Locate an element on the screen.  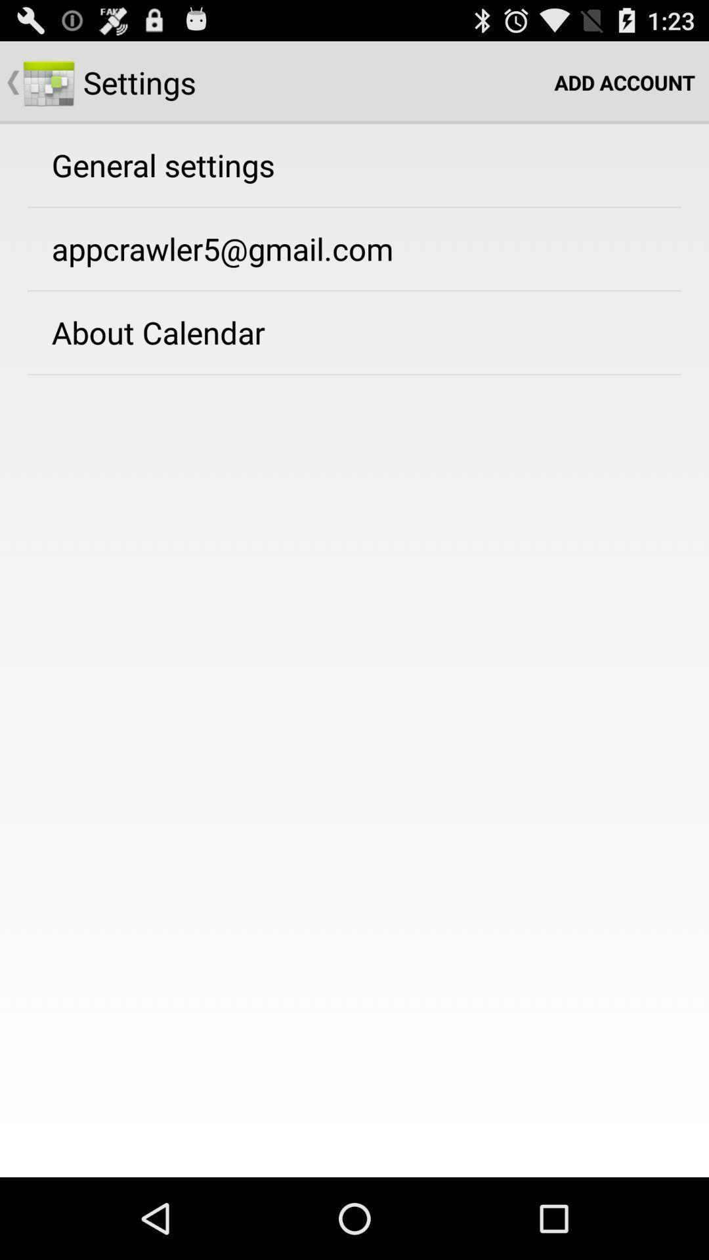
item next to the settings item is located at coordinates (624, 81).